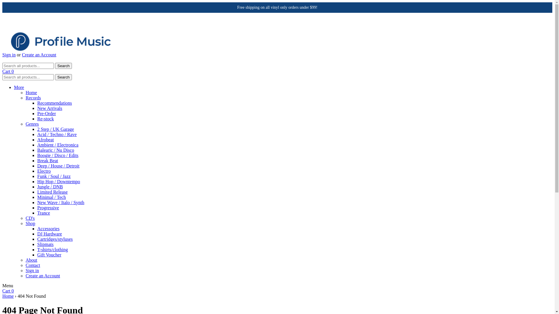 The image size is (559, 314). Describe the element at coordinates (8, 291) in the screenshot. I see `'Cart 0'` at that location.